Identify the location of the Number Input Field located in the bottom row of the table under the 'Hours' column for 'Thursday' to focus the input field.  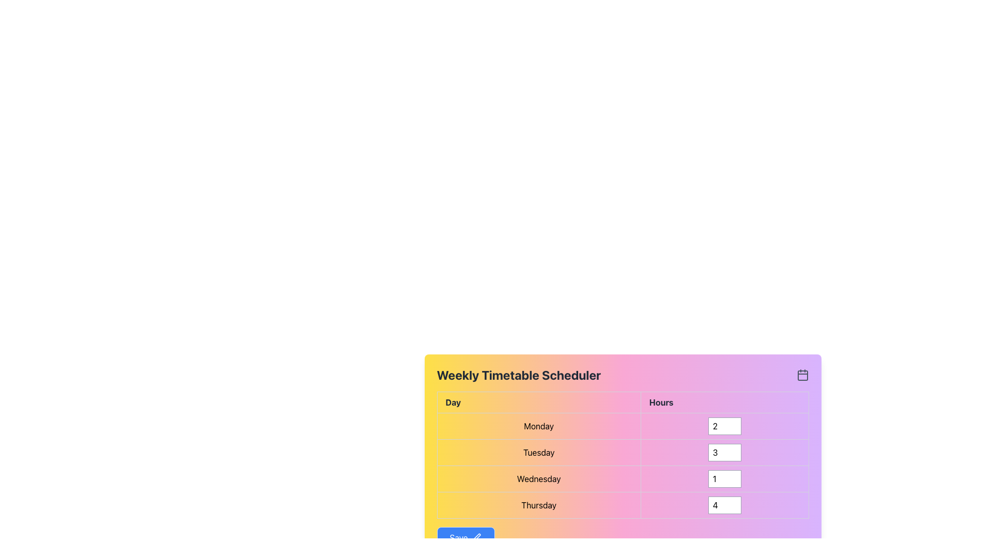
(724, 505).